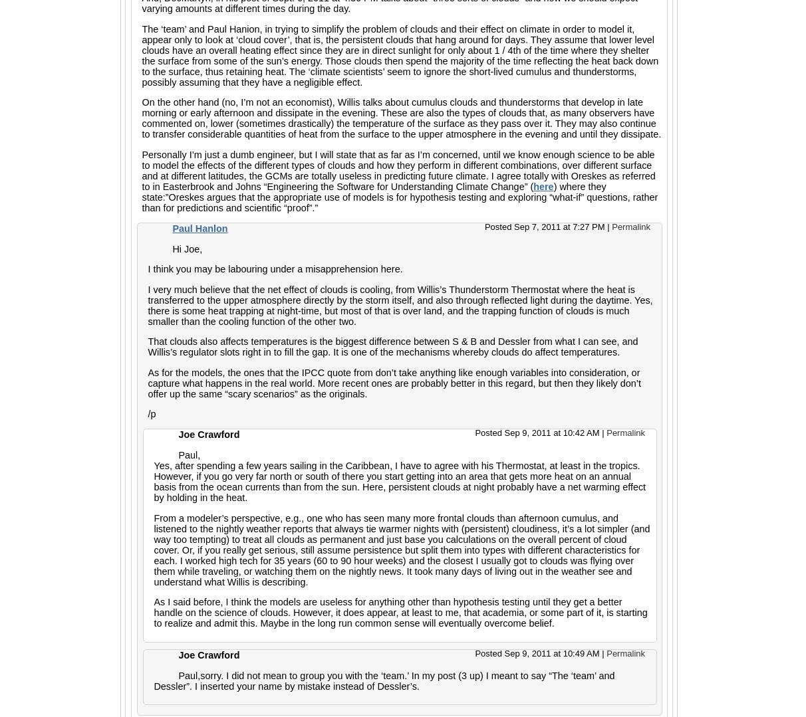 This screenshot has height=717, width=806. I want to click on 'I think you may be labouring under a misapprehension here.', so click(275, 268).